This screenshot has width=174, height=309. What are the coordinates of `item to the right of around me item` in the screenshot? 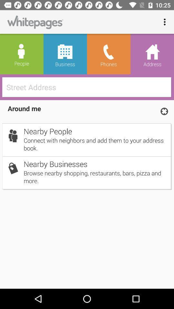 It's located at (164, 111).